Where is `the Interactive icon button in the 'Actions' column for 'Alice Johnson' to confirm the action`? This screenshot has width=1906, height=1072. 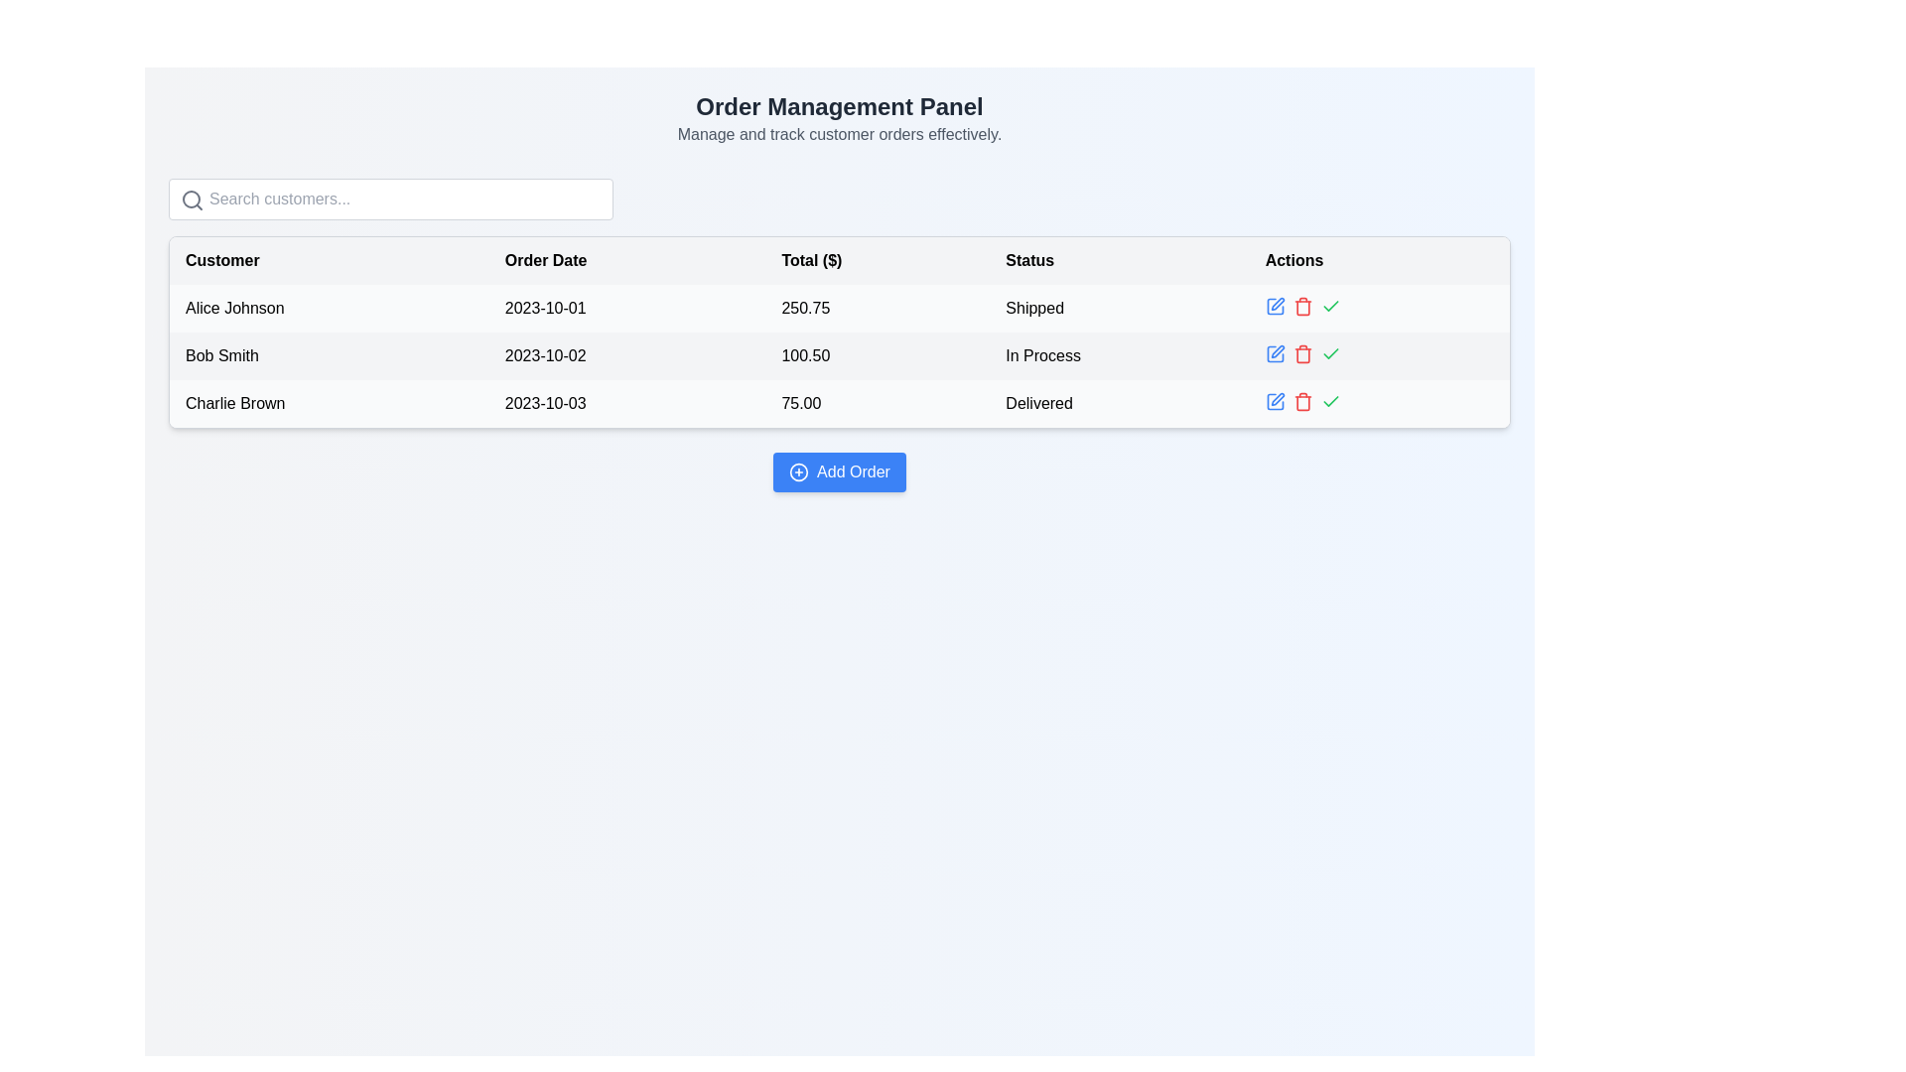
the Interactive icon button in the 'Actions' column for 'Alice Johnson' to confirm the action is located at coordinates (1329, 306).